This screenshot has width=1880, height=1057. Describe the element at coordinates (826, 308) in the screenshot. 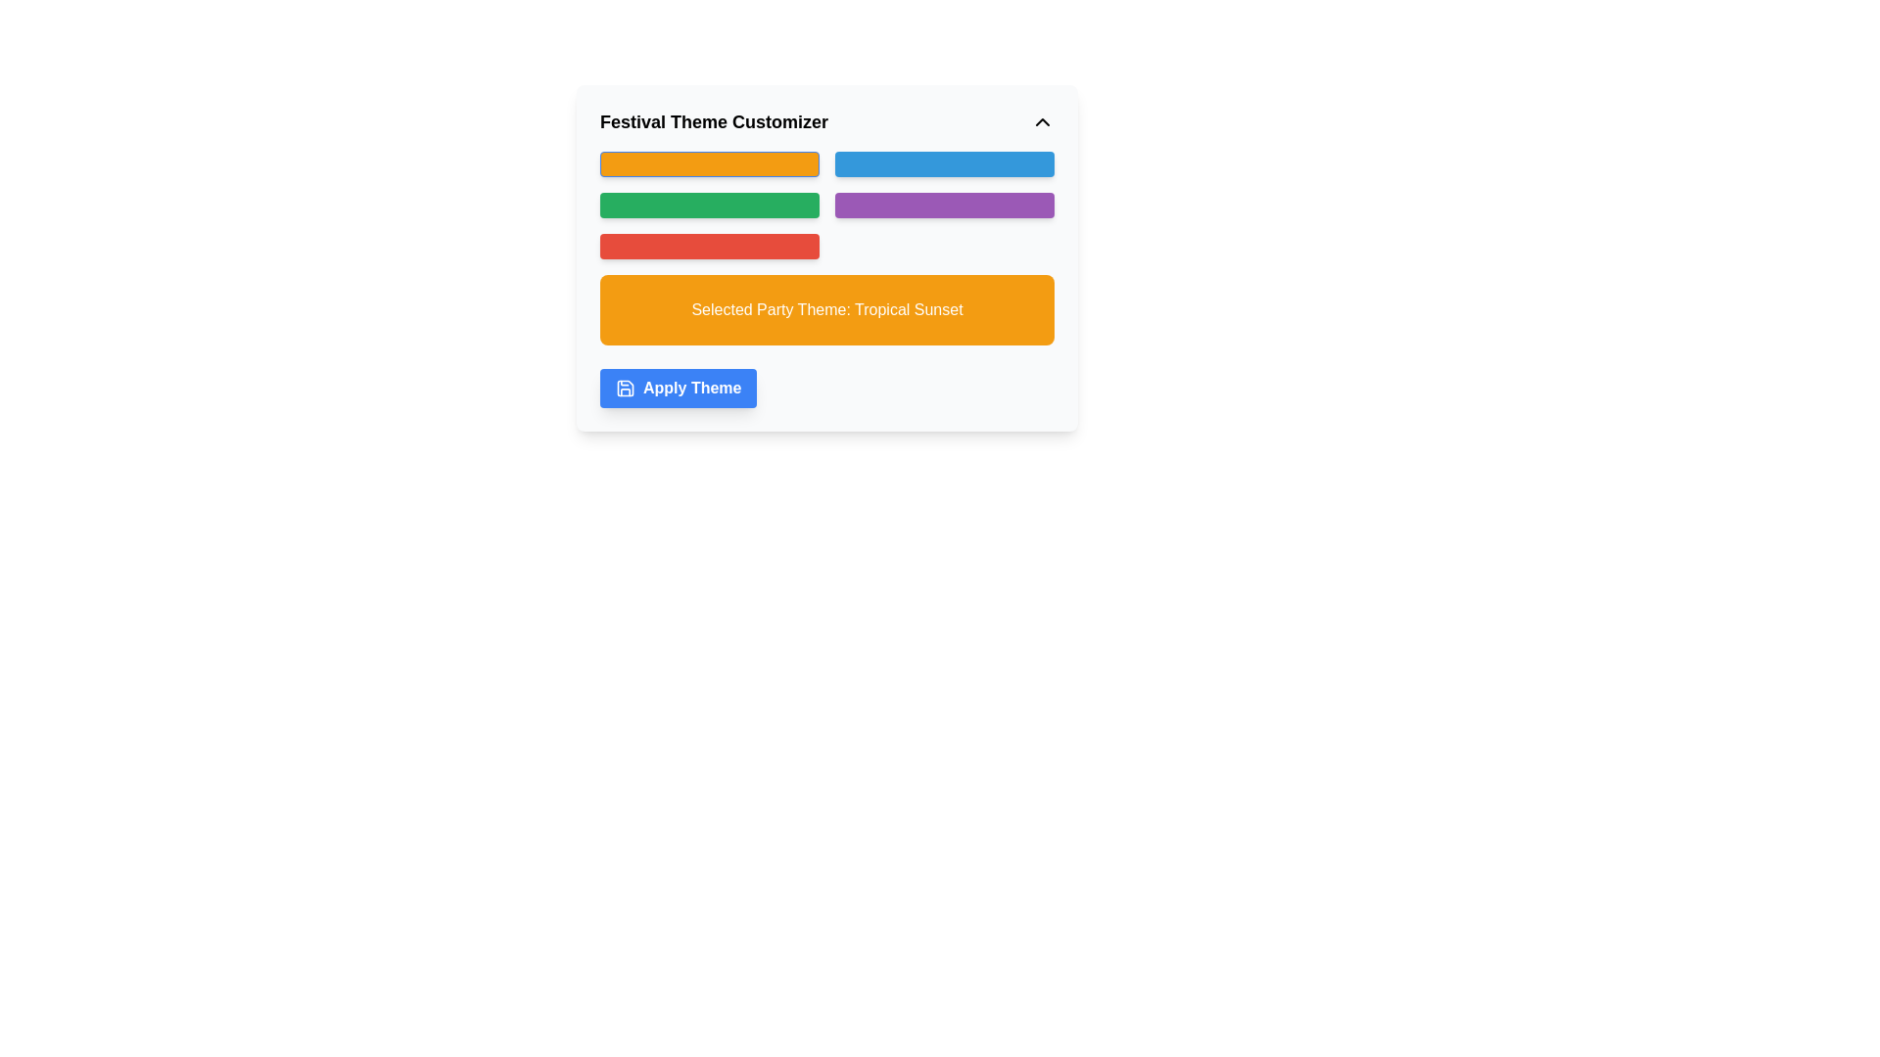

I see `the Text Display Box indicating the currently selected party theme, which is 'Tropical Sunset', located in the 'Festival Theme Customizer' panel` at that location.